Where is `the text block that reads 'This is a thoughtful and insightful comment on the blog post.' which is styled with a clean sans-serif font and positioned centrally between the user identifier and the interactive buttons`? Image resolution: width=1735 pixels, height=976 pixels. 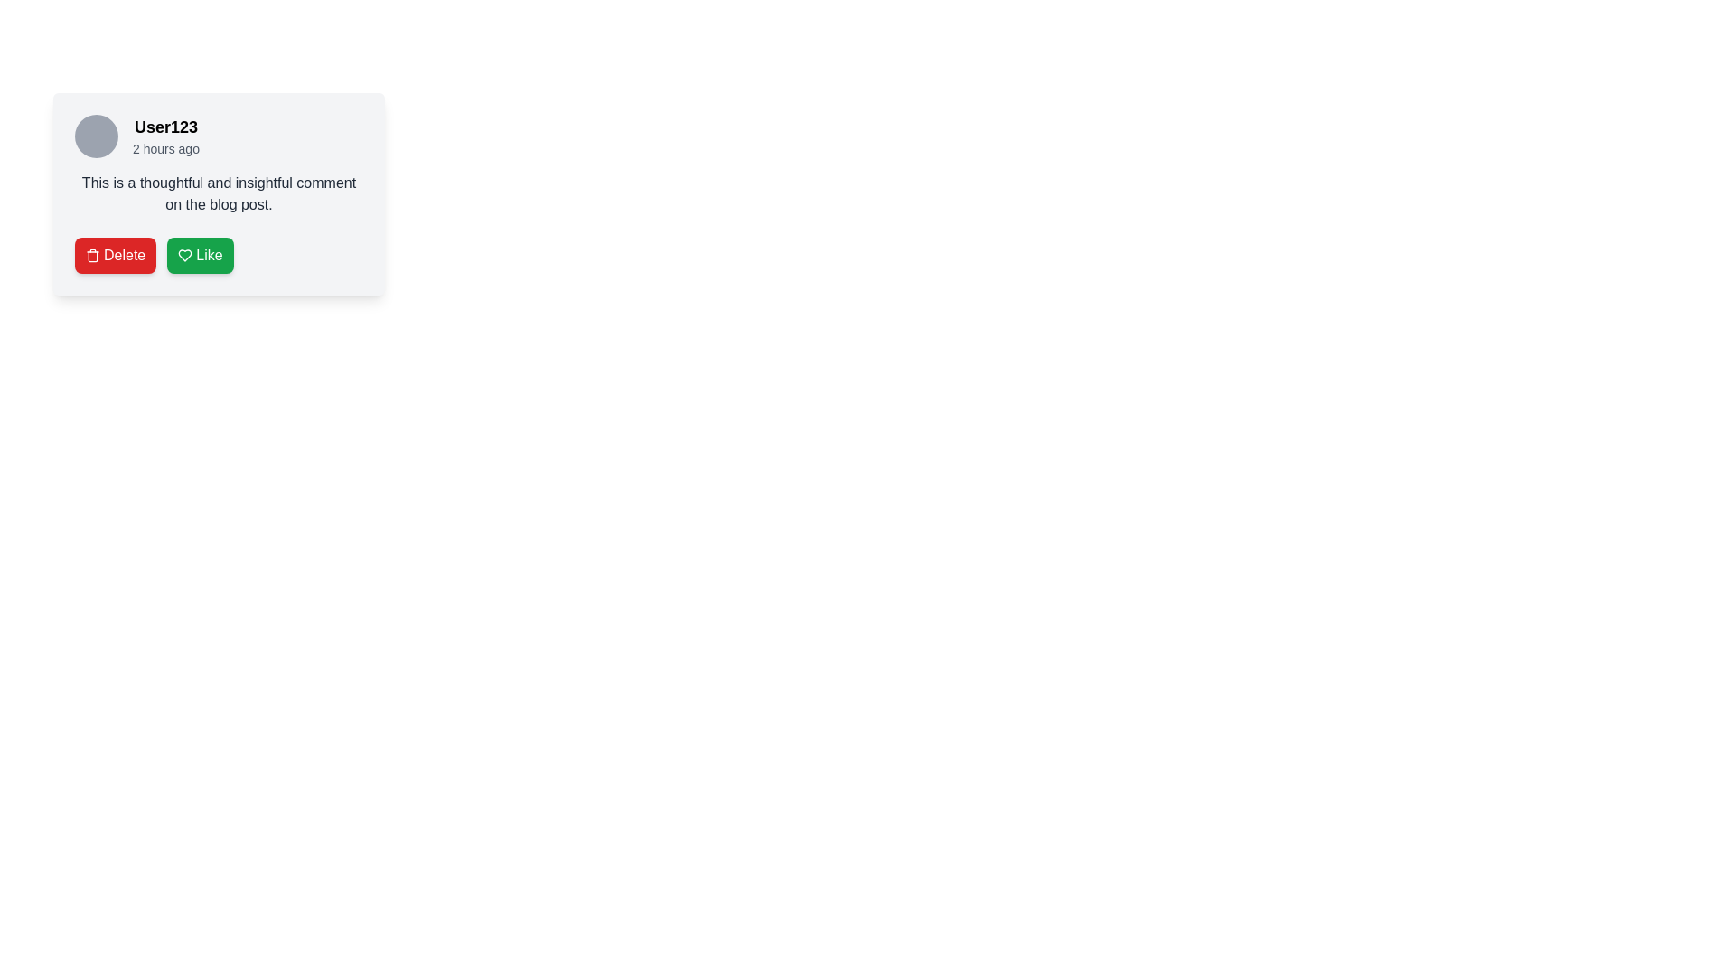 the text block that reads 'This is a thoughtful and insightful comment on the blog post.' which is styled with a clean sans-serif font and positioned centrally between the user identifier and the interactive buttons is located at coordinates (218, 194).